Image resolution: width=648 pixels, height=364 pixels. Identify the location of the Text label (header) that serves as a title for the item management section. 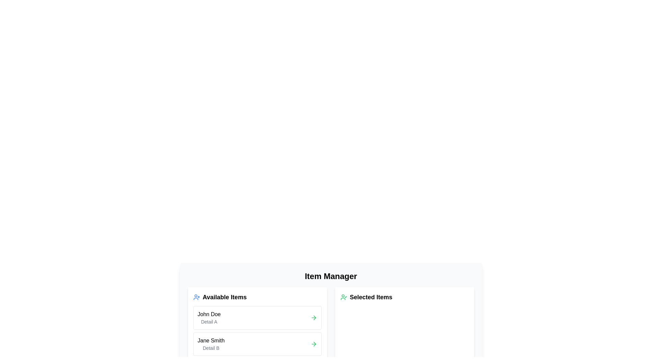
(331, 276).